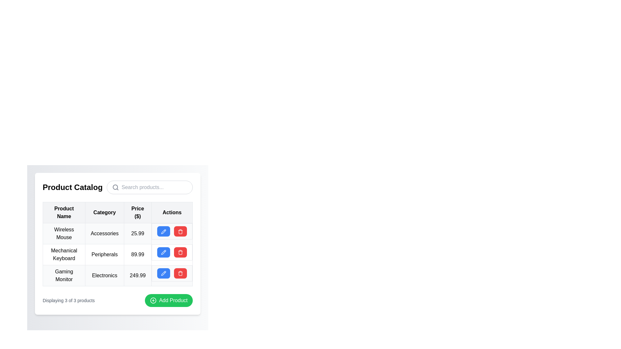 This screenshot has width=621, height=349. What do you see at coordinates (118, 233) in the screenshot?
I see `the first row of the product catalog table that displays the product's name, category, and price` at bounding box center [118, 233].